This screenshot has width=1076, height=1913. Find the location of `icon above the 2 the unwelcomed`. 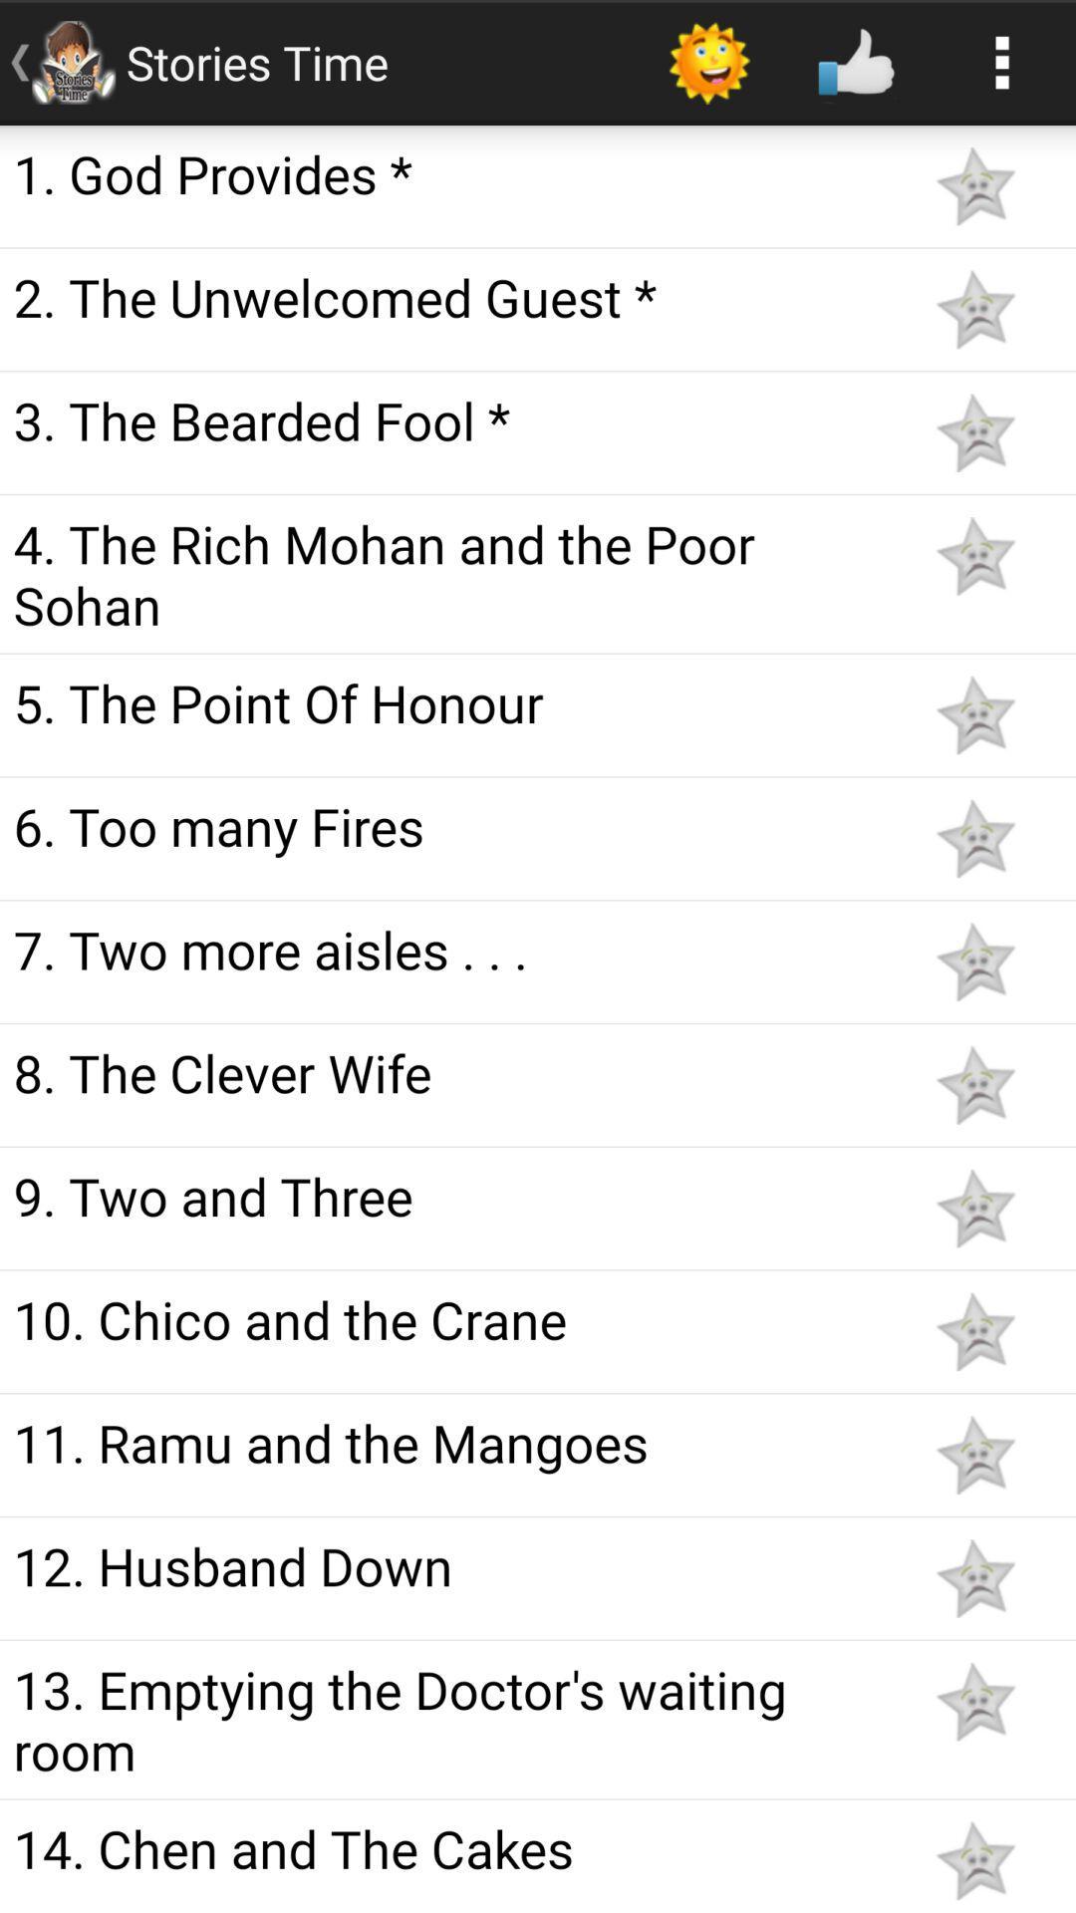

icon above the 2 the unwelcomed is located at coordinates (450, 173).